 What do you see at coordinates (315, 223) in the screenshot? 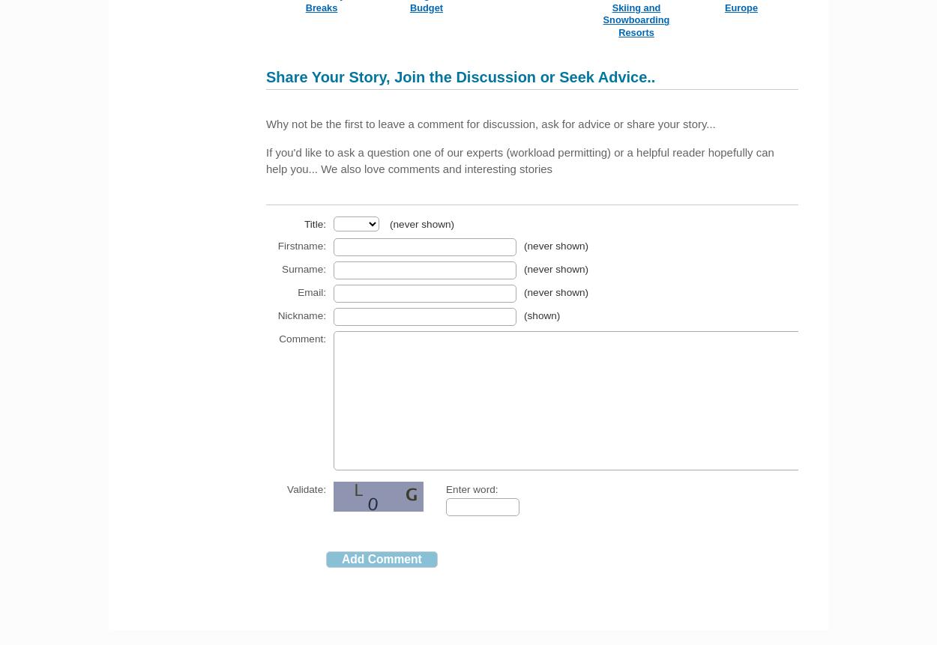
I see `'Title:'` at bounding box center [315, 223].